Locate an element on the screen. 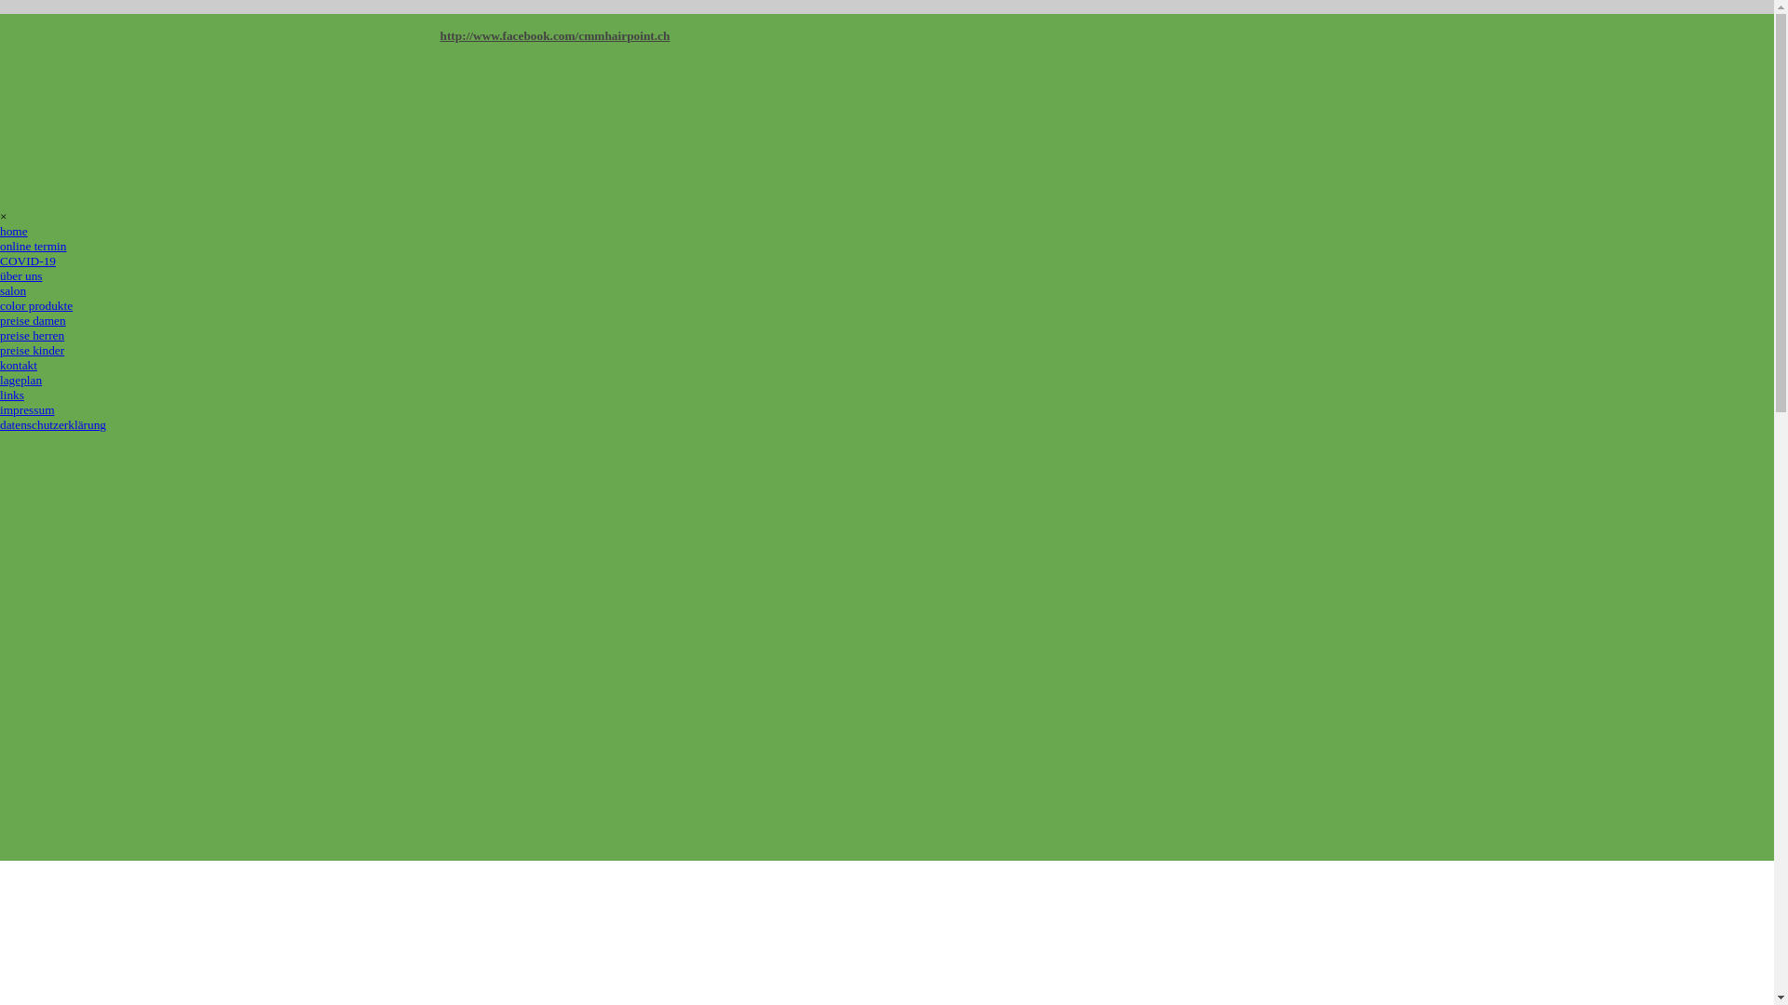  'http://www.facebook.com/cmmhairpoint.ch' is located at coordinates (553, 35).